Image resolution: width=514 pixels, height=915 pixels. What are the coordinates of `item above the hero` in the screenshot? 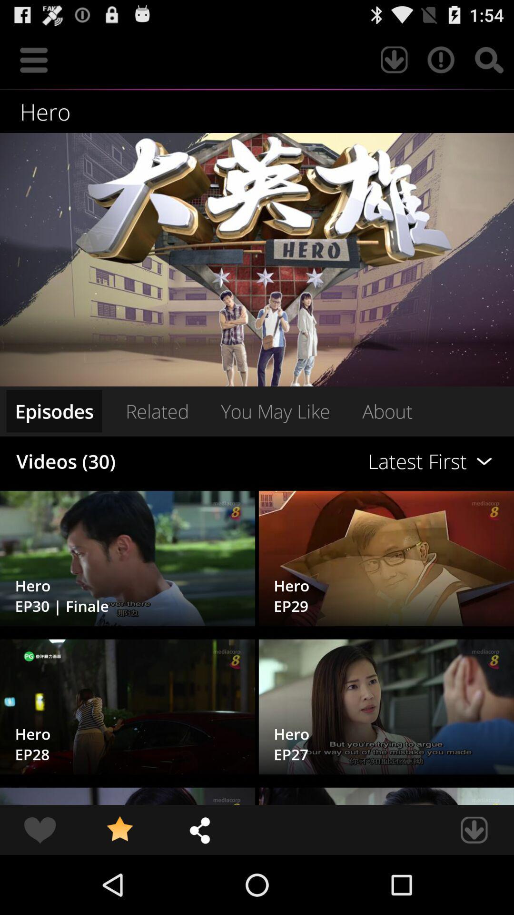 It's located at (441, 59).